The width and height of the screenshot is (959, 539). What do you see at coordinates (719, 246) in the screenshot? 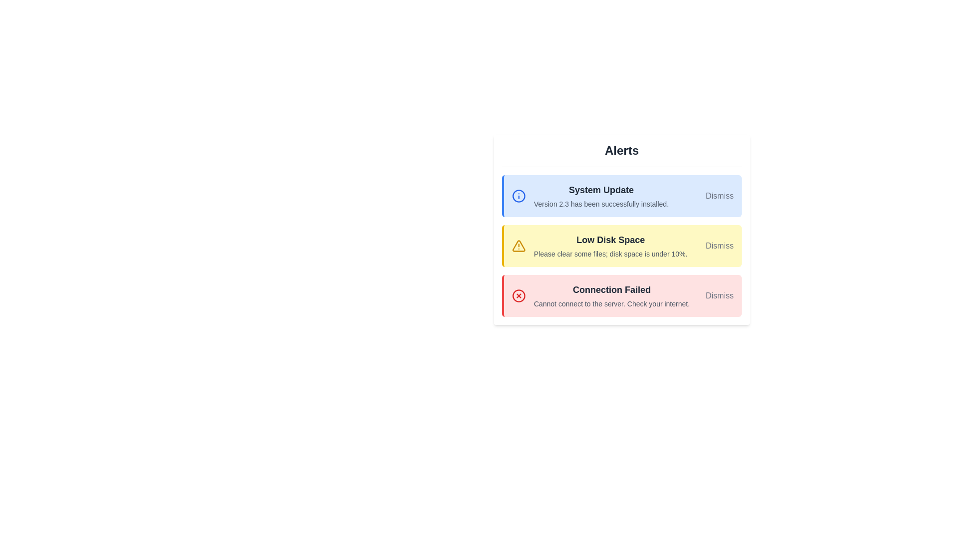
I see `the 'Dismiss' button, which is a light gray textual button located at the right end of the 'Low Disk Space' alert box` at bounding box center [719, 246].